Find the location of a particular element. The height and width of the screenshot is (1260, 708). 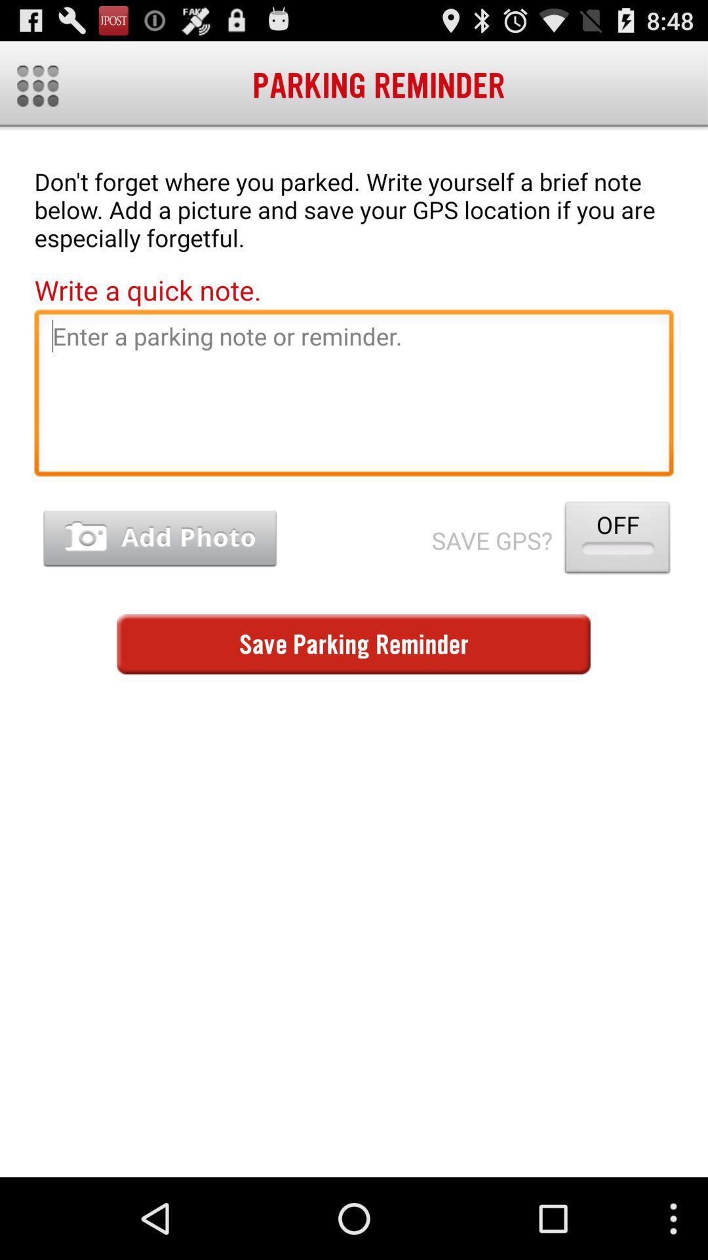

off item is located at coordinates (617, 540).